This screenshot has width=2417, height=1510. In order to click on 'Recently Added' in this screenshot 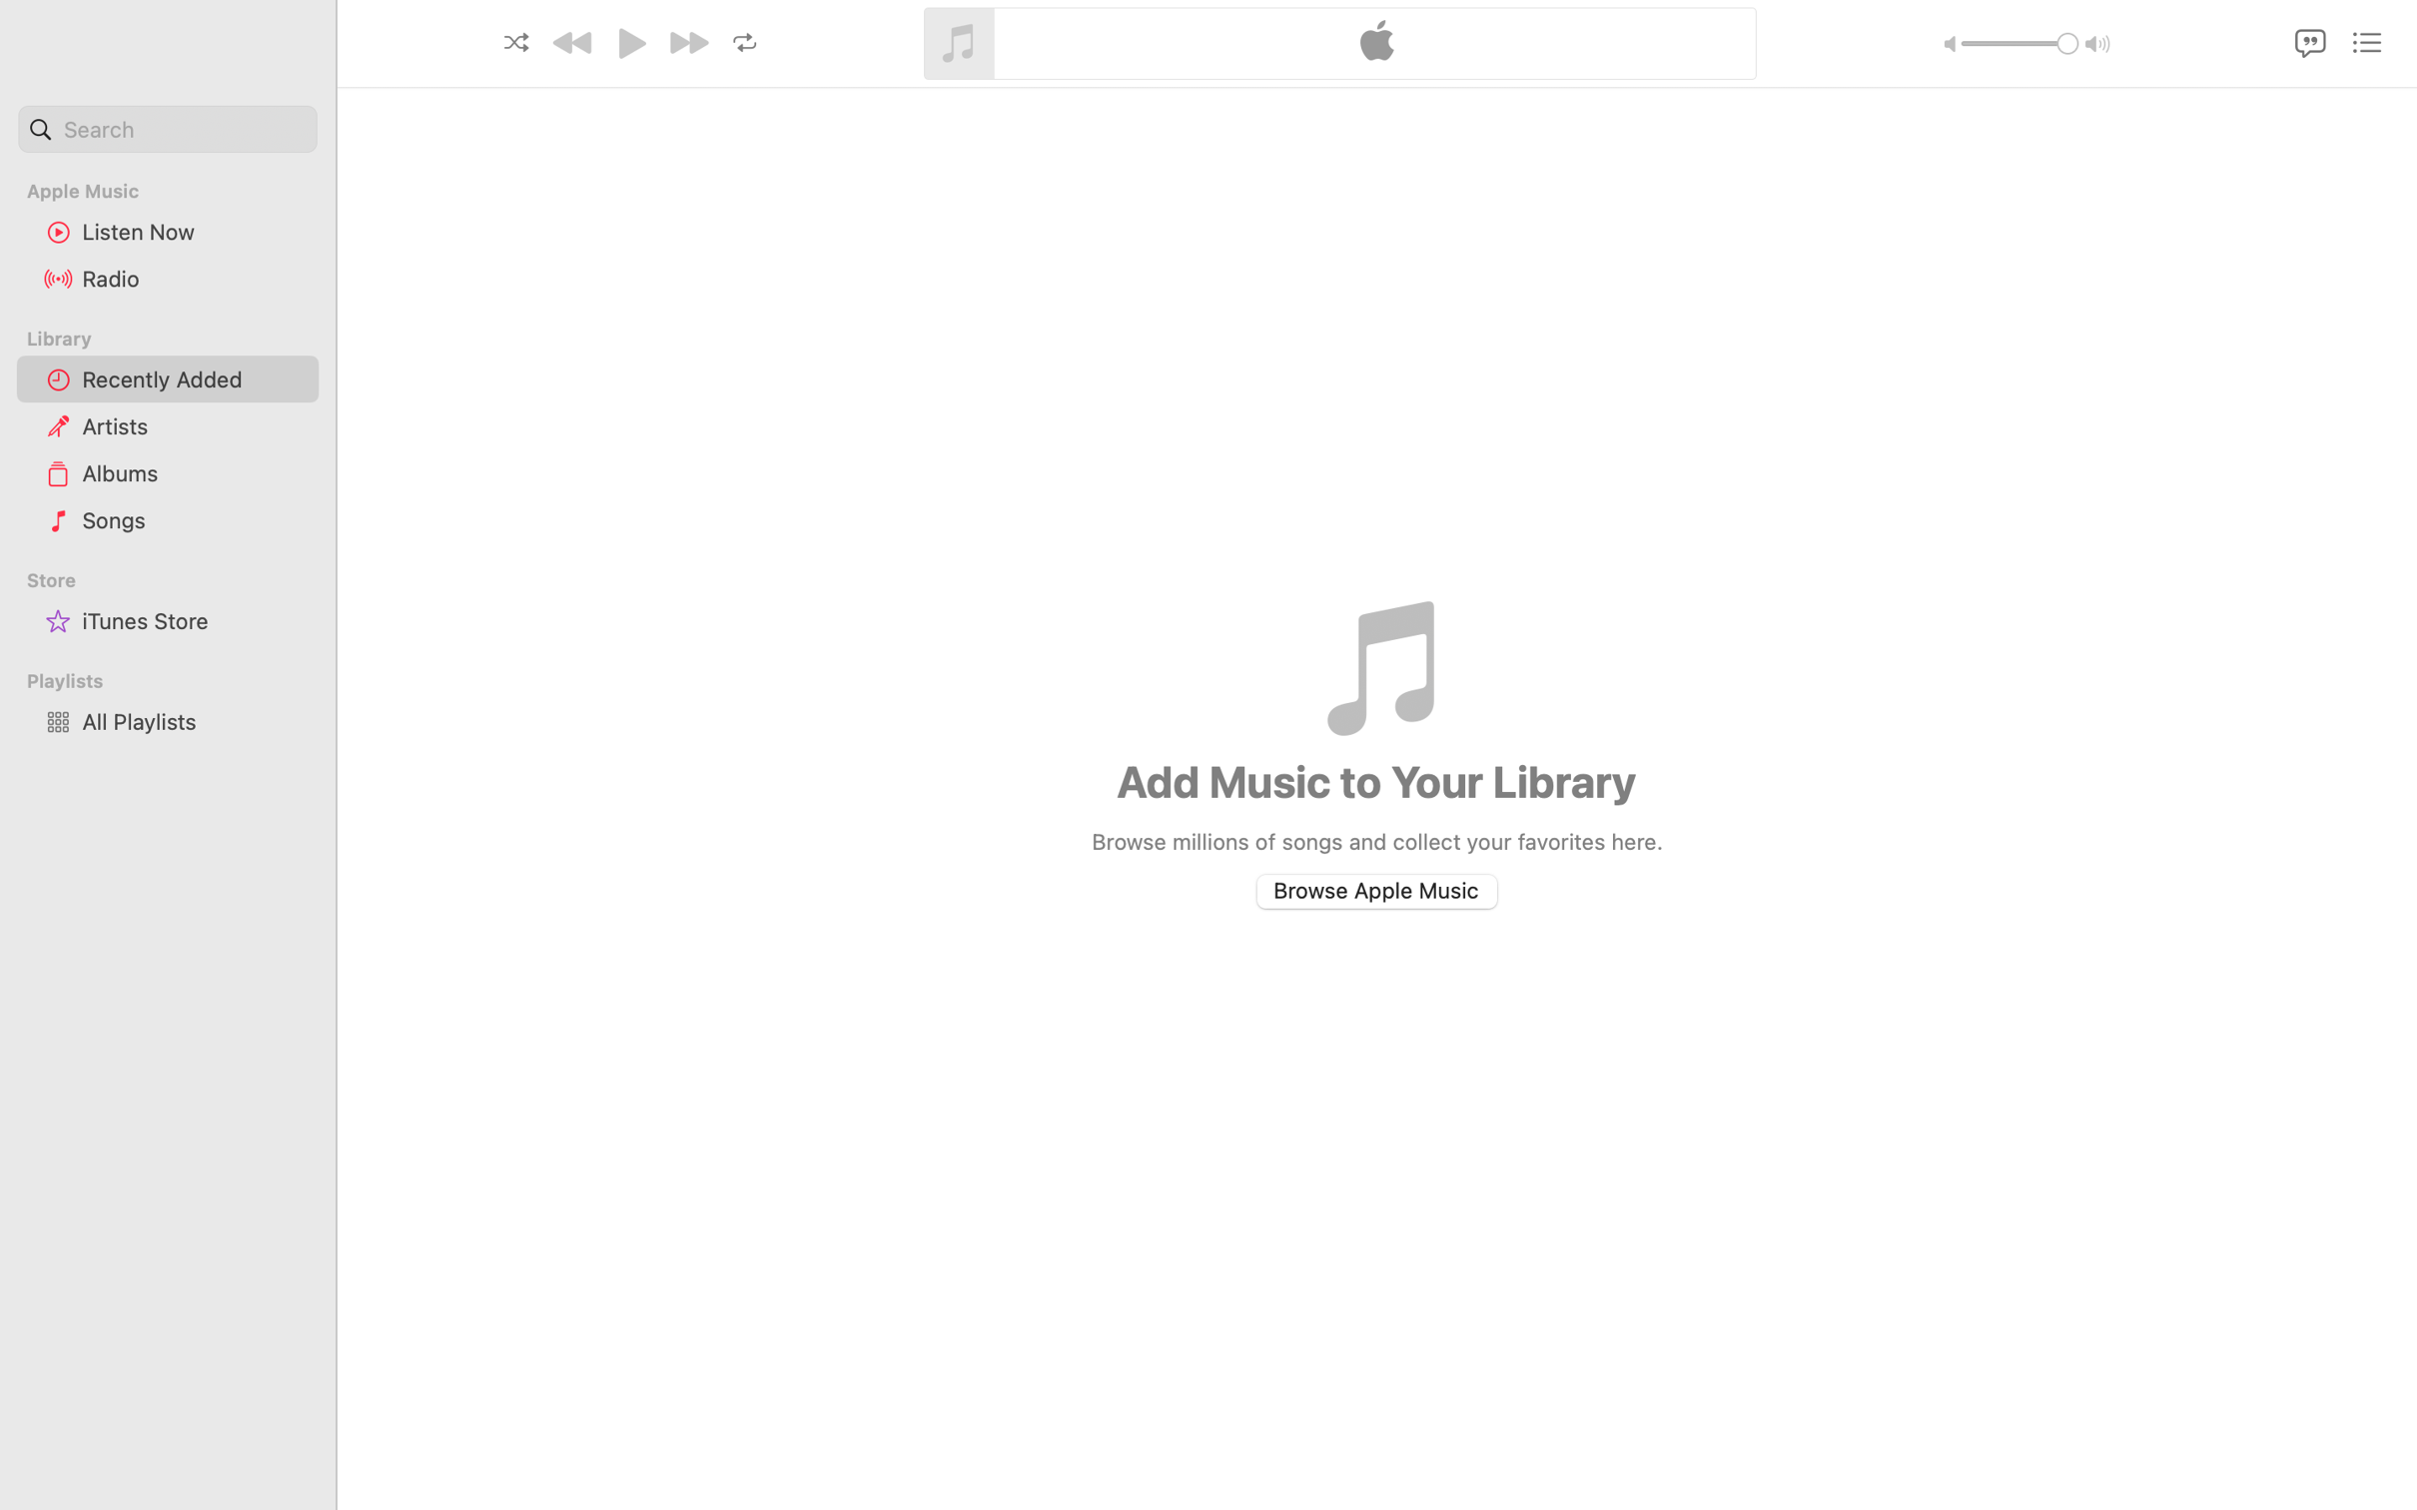, I will do `click(192, 377)`.